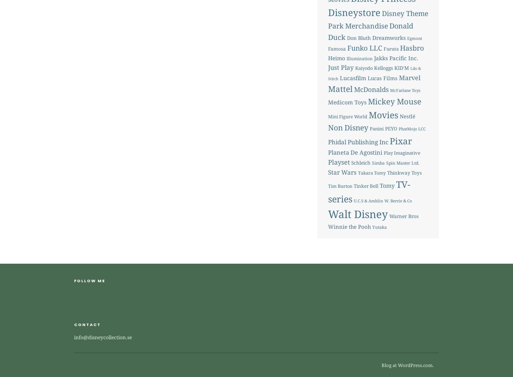 The width and height of the screenshot is (513, 377). I want to click on 'Pixar', so click(400, 140).